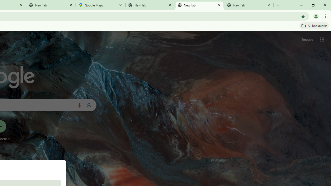 This screenshot has height=186, width=331. I want to click on 'New Tab', so click(51, 5).